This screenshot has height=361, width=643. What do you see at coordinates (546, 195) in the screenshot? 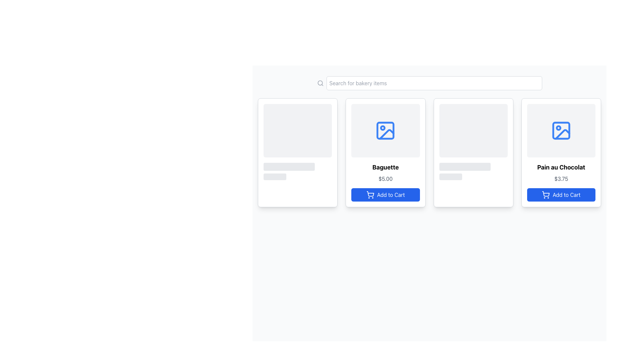
I see `the shopping cart icon located within the 'Add to Cart' button for the 'Pain au Chocolat' product card in the fourth column of the product grid` at bounding box center [546, 195].